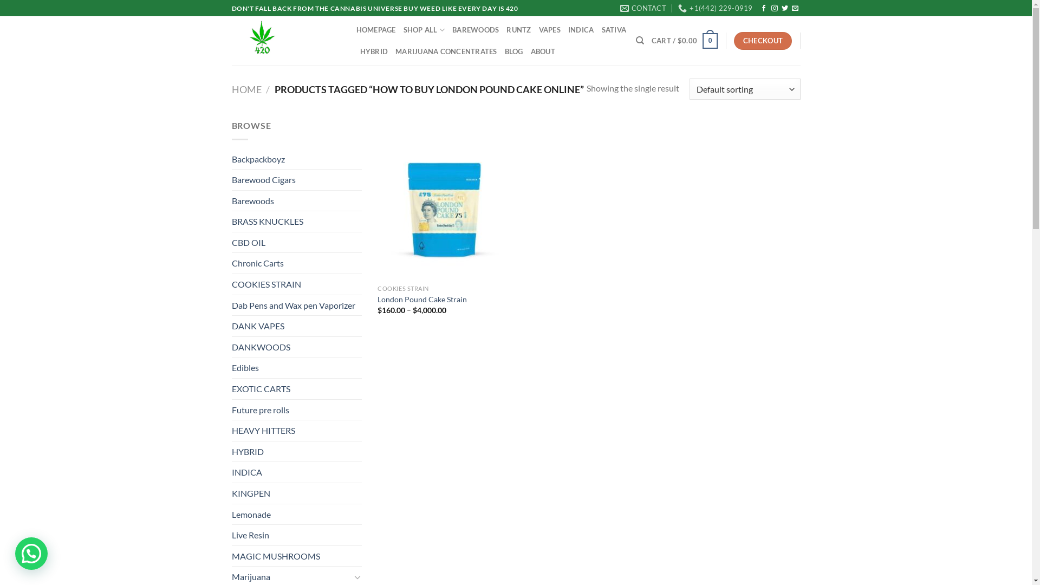  Describe the element at coordinates (549, 29) in the screenshot. I see `'VAPES'` at that location.